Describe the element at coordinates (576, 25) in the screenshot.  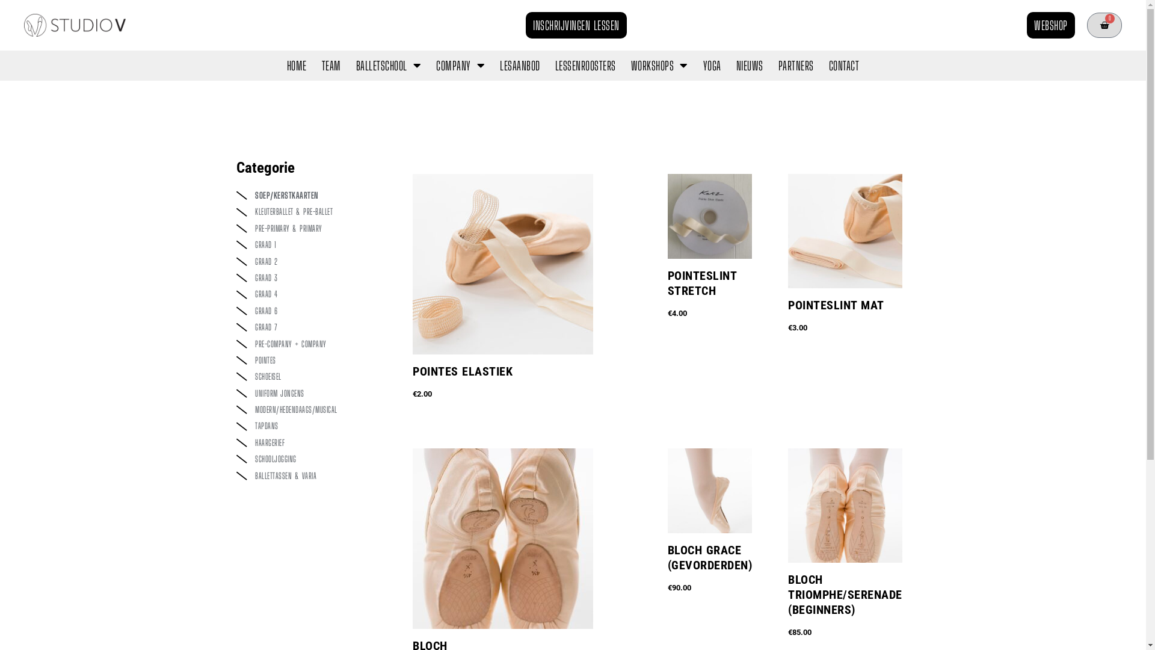
I see `'INSCHRIJVINGEN LESSEN'` at that location.